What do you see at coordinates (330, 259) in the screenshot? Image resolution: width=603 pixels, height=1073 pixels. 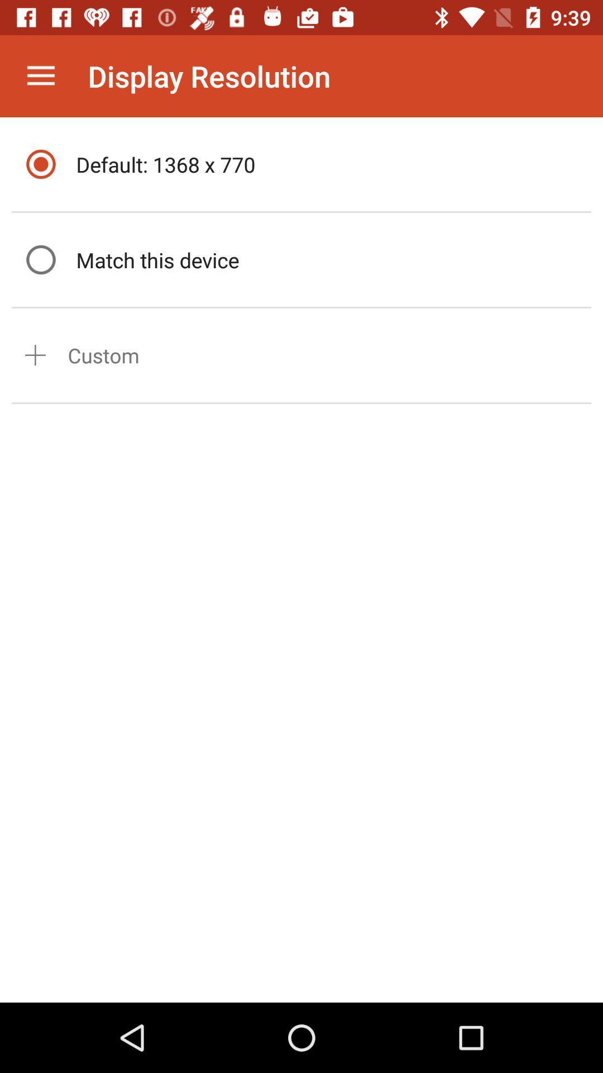 I see `the item above the custom item` at bounding box center [330, 259].